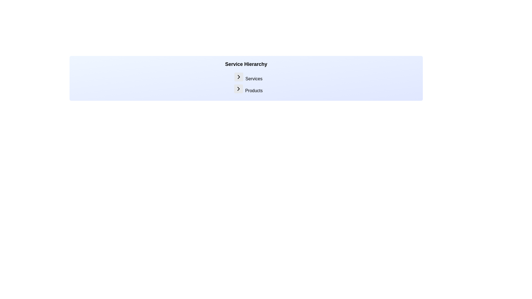 The height and width of the screenshot is (299, 532). What do you see at coordinates (239, 77) in the screenshot?
I see `the arrow icon button located to the left of the 'Services' text to change its background color` at bounding box center [239, 77].